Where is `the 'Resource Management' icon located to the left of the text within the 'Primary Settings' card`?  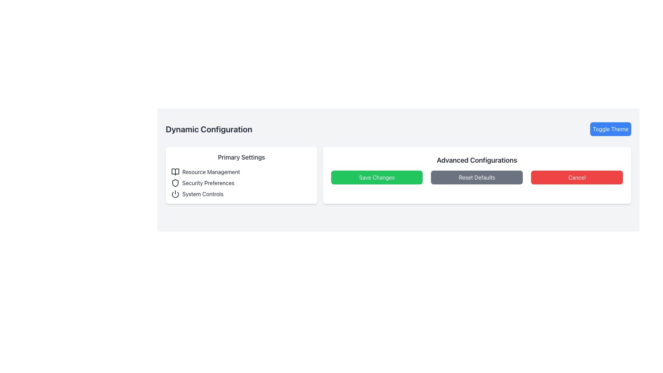 the 'Resource Management' icon located to the left of the text within the 'Primary Settings' card is located at coordinates (175, 171).